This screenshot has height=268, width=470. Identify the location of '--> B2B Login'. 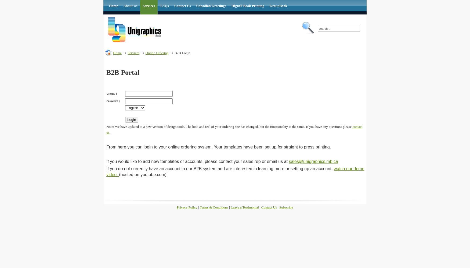
(168, 52).